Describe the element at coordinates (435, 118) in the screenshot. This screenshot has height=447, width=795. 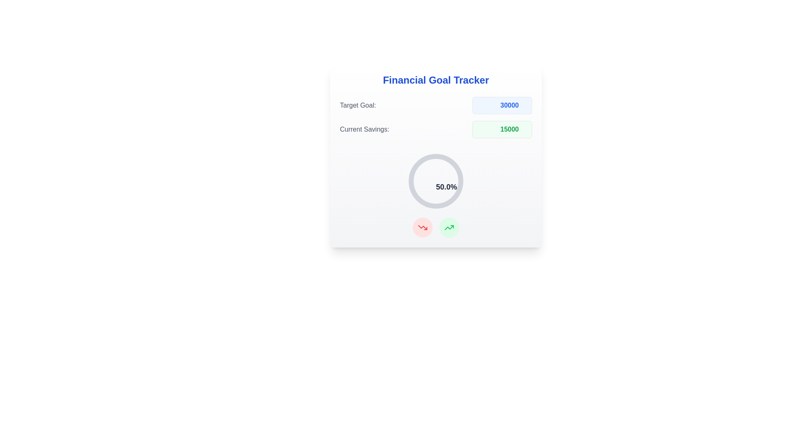
I see `the grouped component containing the 'Target Goal' and 'Current Savings' input fields within the 'Financial Goal Tracker' section` at that location.